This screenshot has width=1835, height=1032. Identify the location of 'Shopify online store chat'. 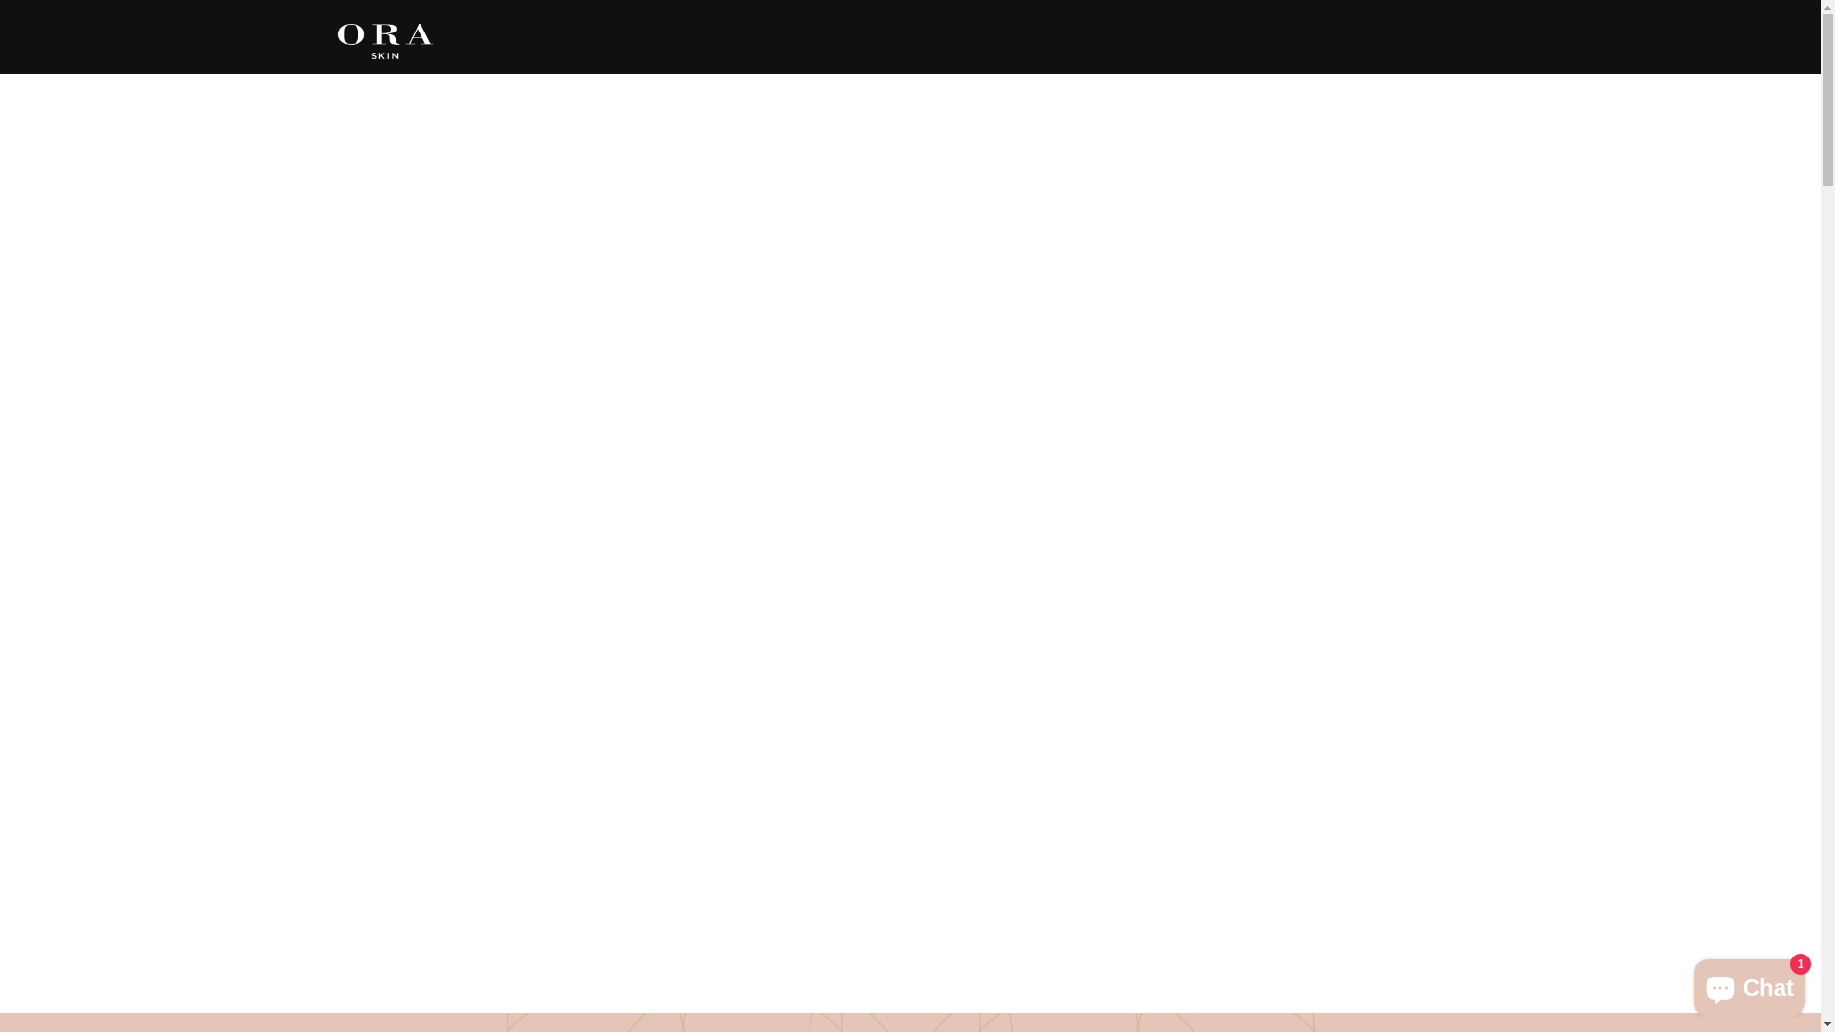
(1749, 983).